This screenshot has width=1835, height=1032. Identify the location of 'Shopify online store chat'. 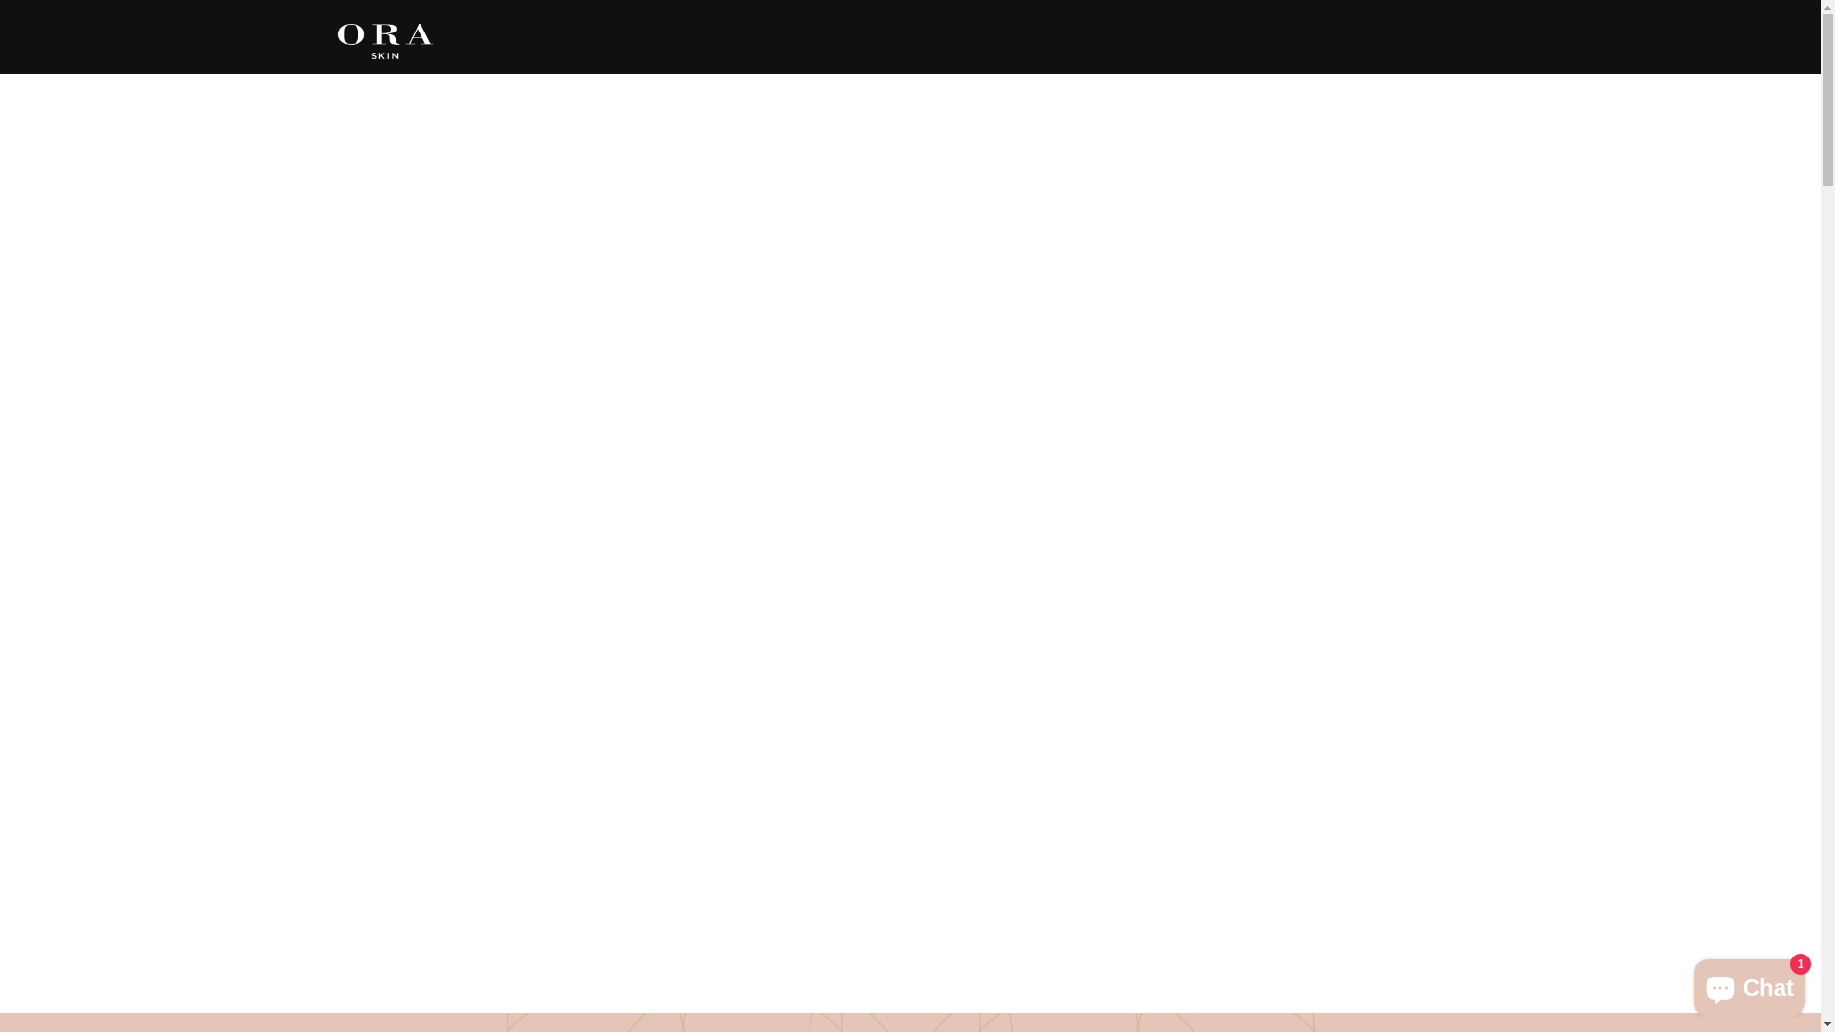
(1749, 983).